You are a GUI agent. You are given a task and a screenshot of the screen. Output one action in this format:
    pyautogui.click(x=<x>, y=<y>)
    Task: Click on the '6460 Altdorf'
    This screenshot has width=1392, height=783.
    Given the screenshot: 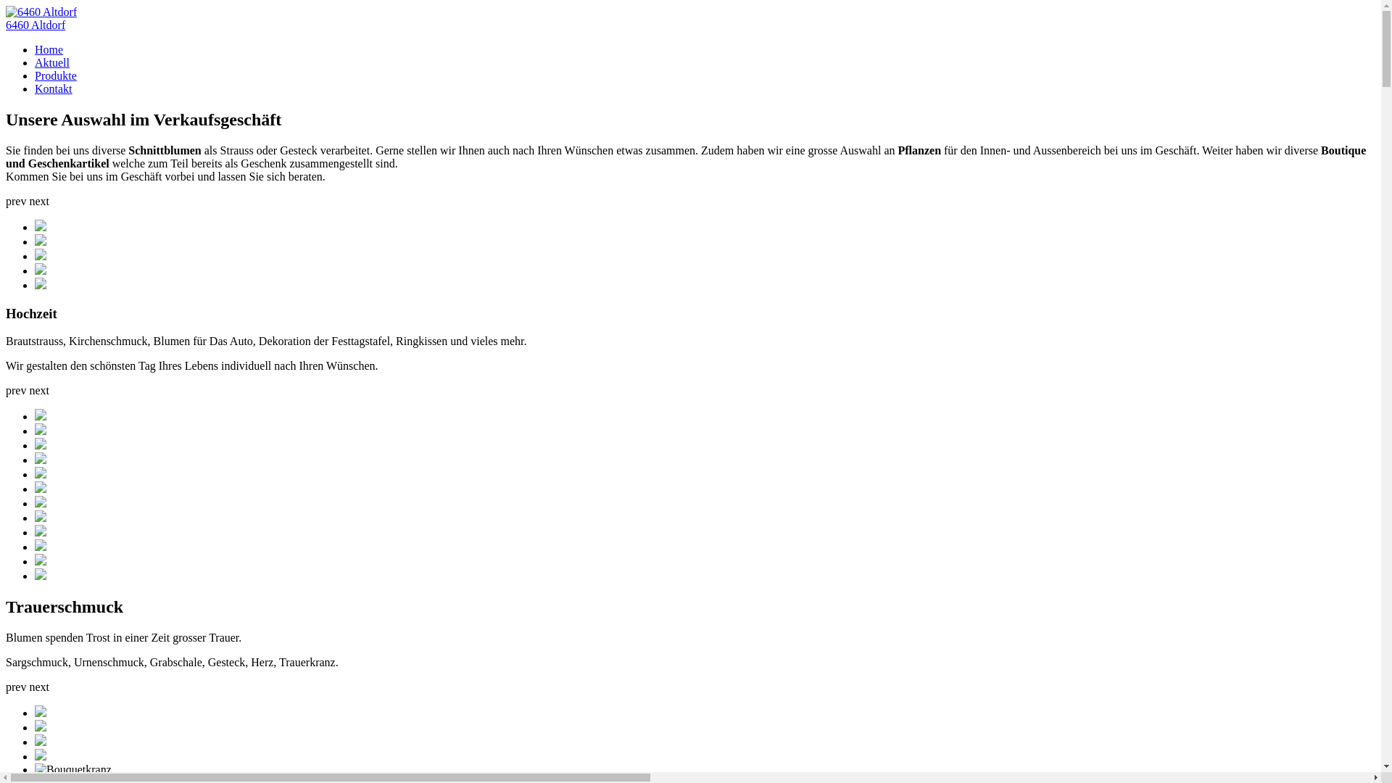 What is the action you would take?
    pyautogui.click(x=35, y=25)
    